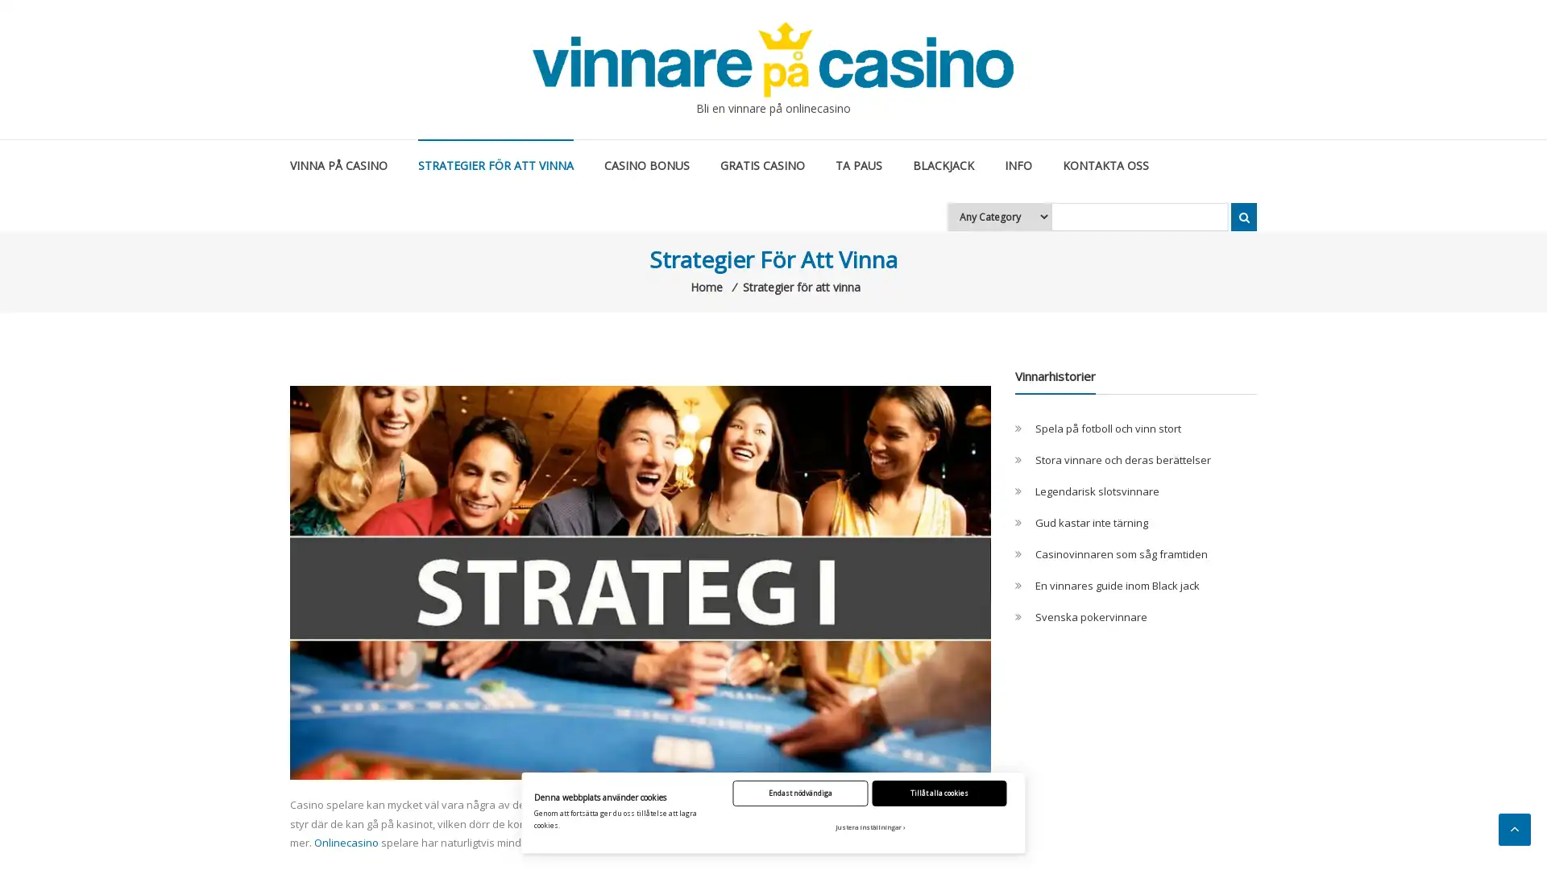 This screenshot has width=1547, height=870. I want to click on Tillat alla cookies, so click(939, 792).